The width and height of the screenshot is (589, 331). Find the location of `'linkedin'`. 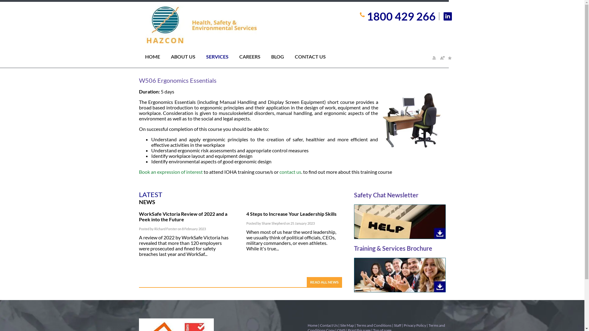

'linkedin' is located at coordinates (443, 16).